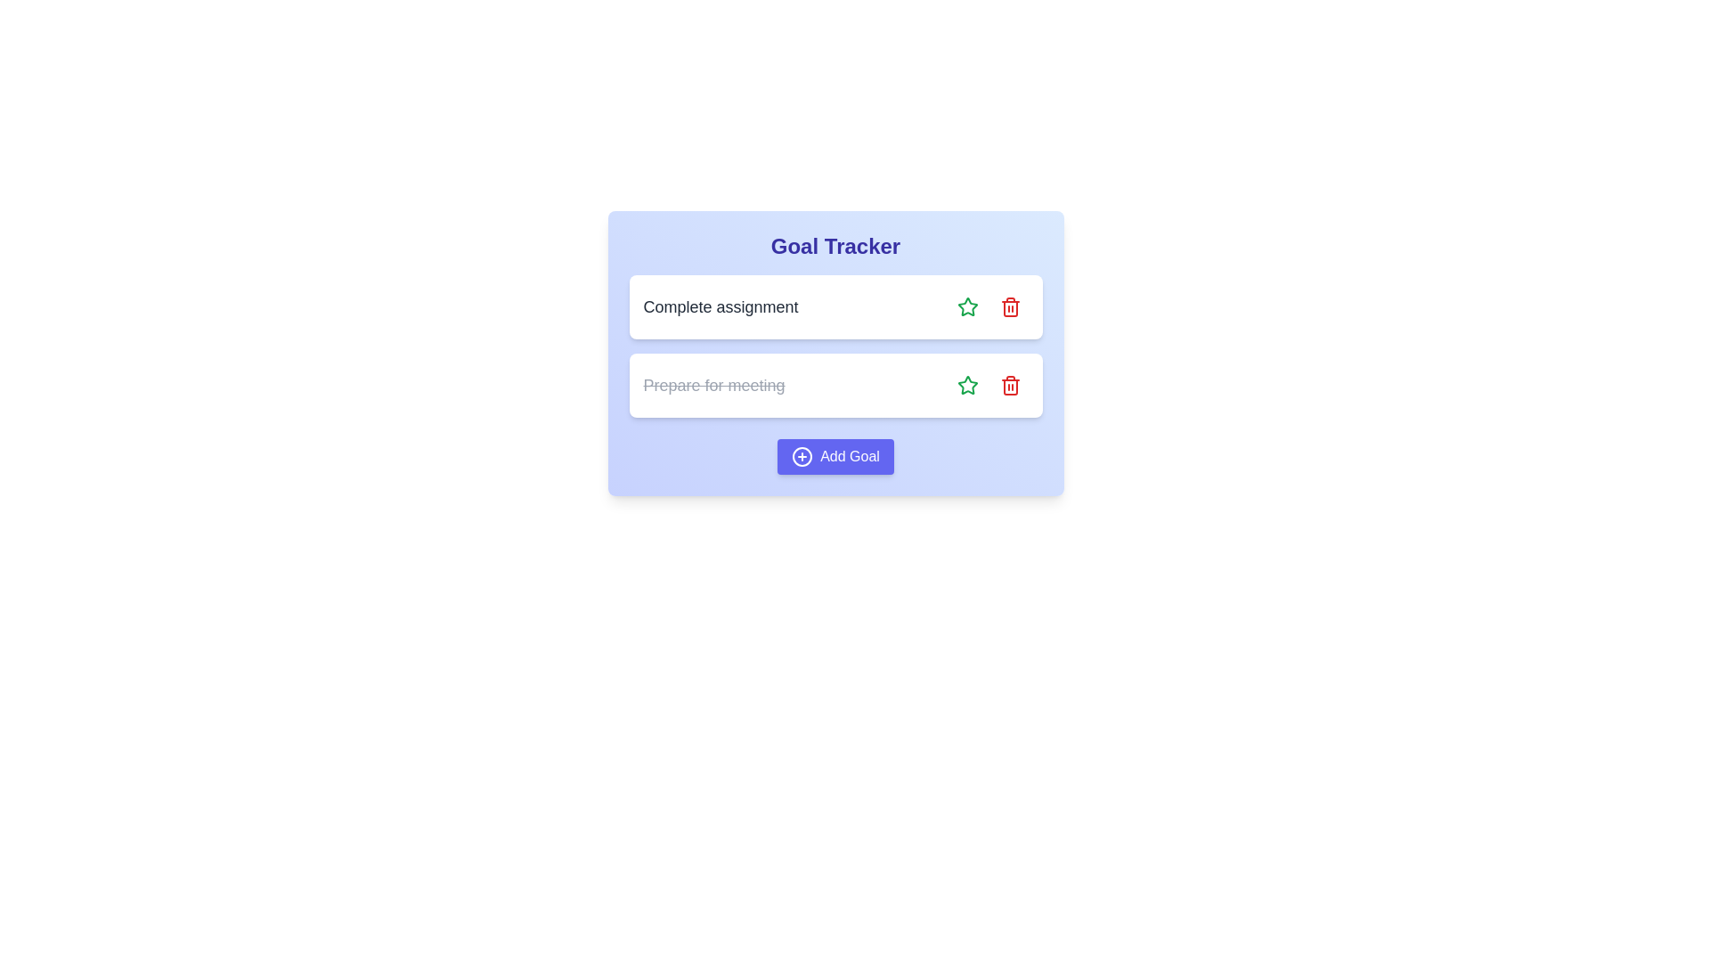 This screenshot has height=962, width=1710. What do you see at coordinates (849, 456) in the screenshot?
I see `label text that indicates the functionality of the button for adding new goals in the Goal Tracker interface, positioned to the right of the button's icon` at bounding box center [849, 456].